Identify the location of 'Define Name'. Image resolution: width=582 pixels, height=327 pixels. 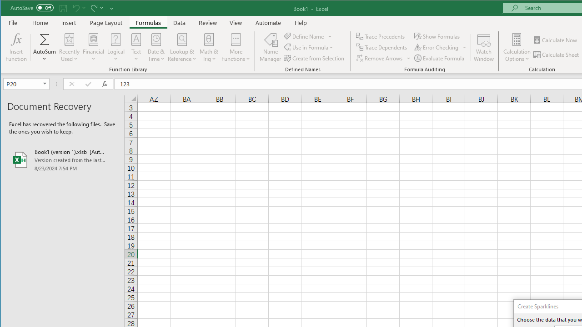
(308, 36).